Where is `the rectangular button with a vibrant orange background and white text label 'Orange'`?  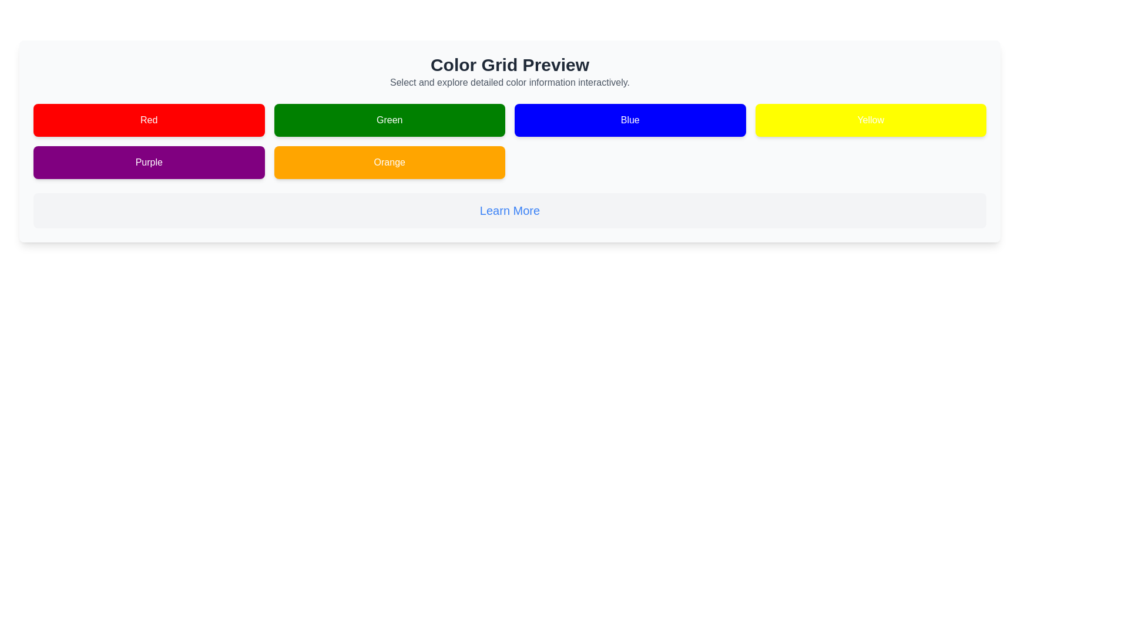 the rectangular button with a vibrant orange background and white text label 'Orange' is located at coordinates (390, 163).